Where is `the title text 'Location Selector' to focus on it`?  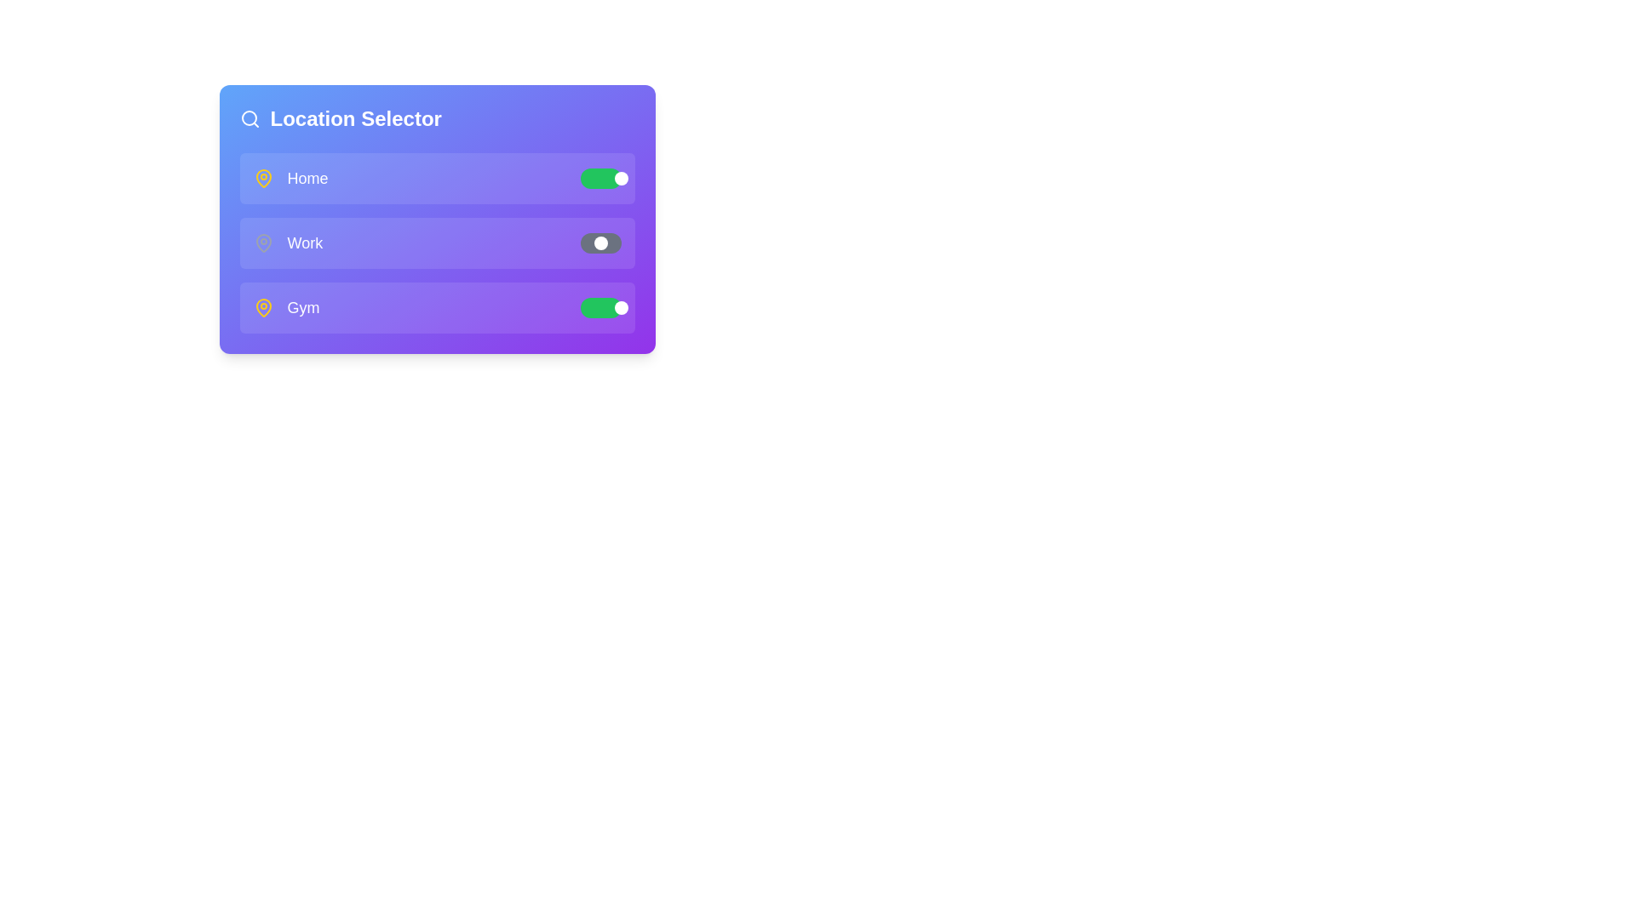 the title text 'Location Selector' to focus on it is located at coordinates (354, 117).